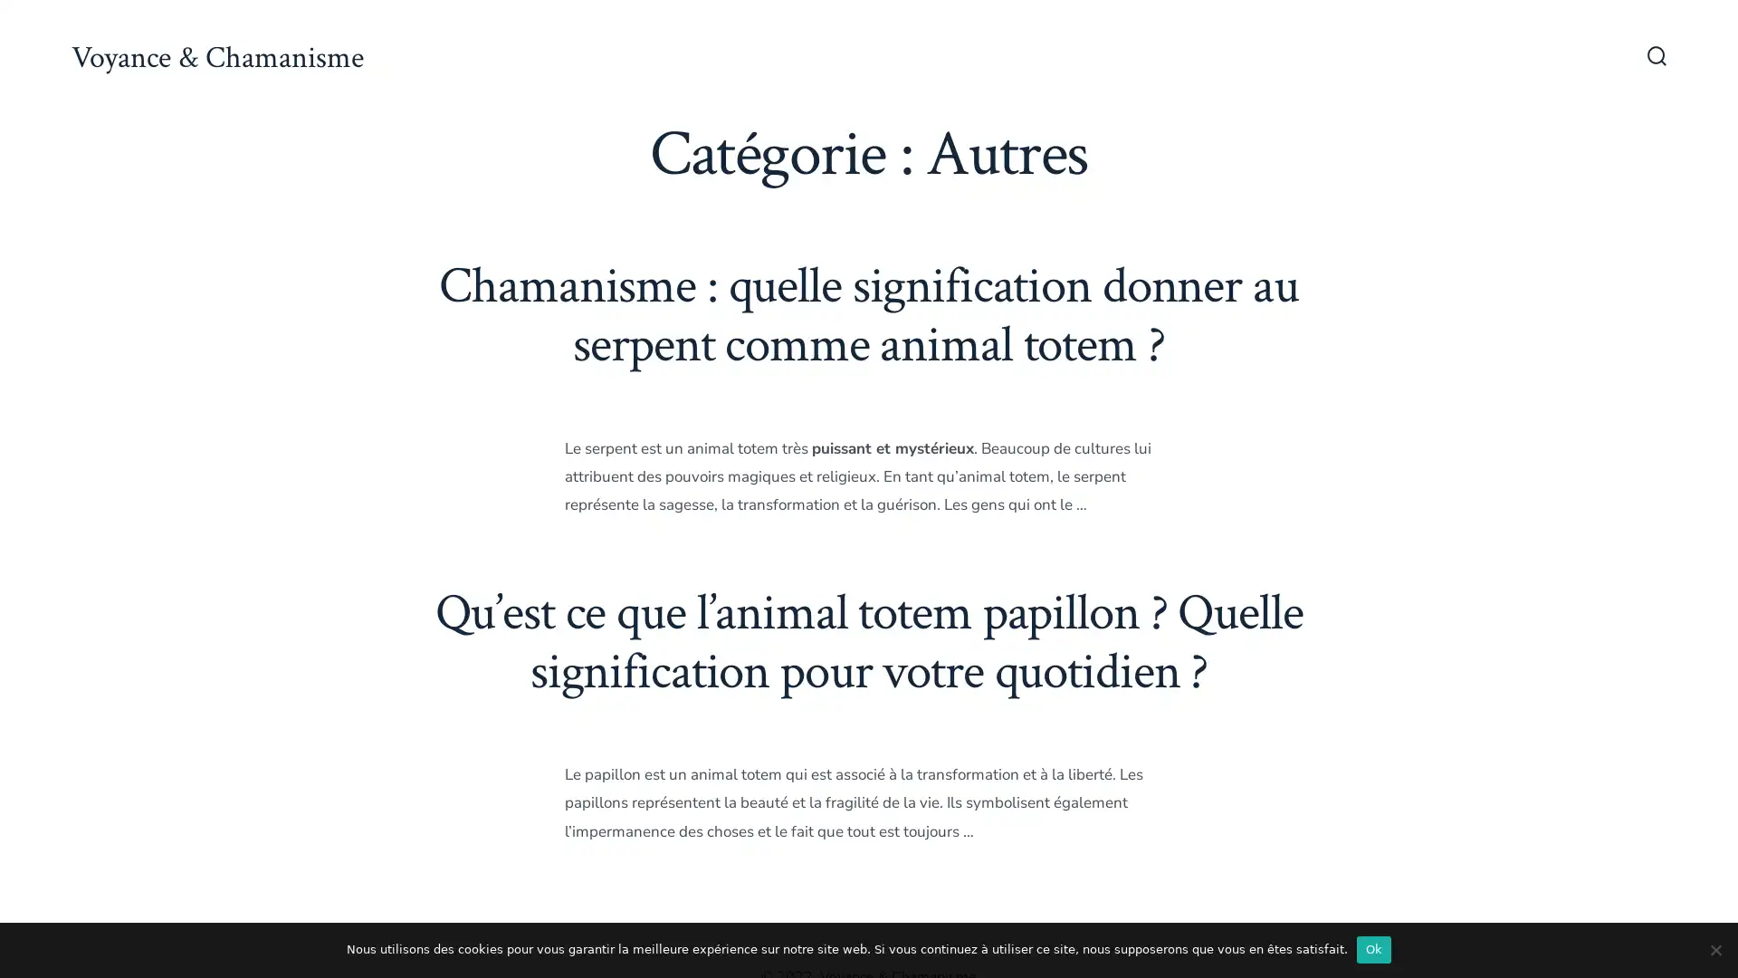 The height and width of the screenshot is (978, 1738). I want to click on Bascule Rechercher, so click(1656, 57).